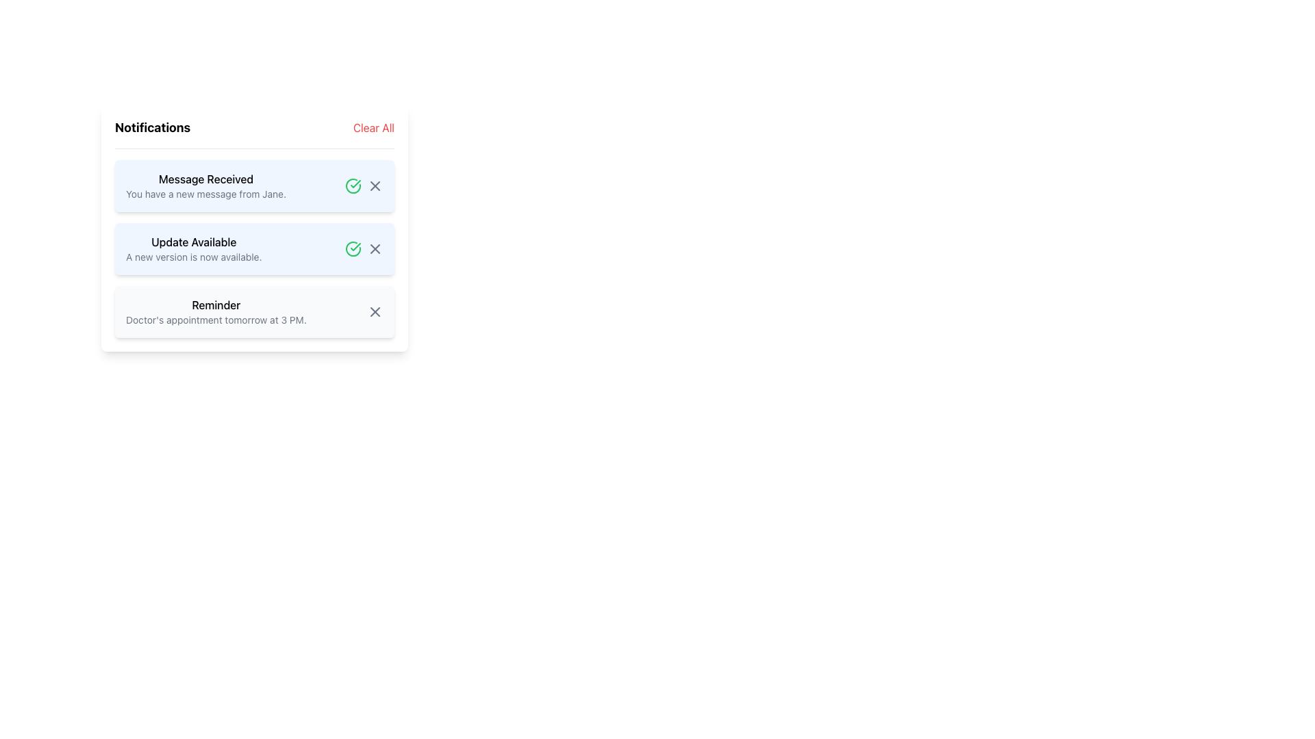  Describe the element at coordinates (364, 186) in the screenshot. I see `the grey cross icon within the notification card` at that location.